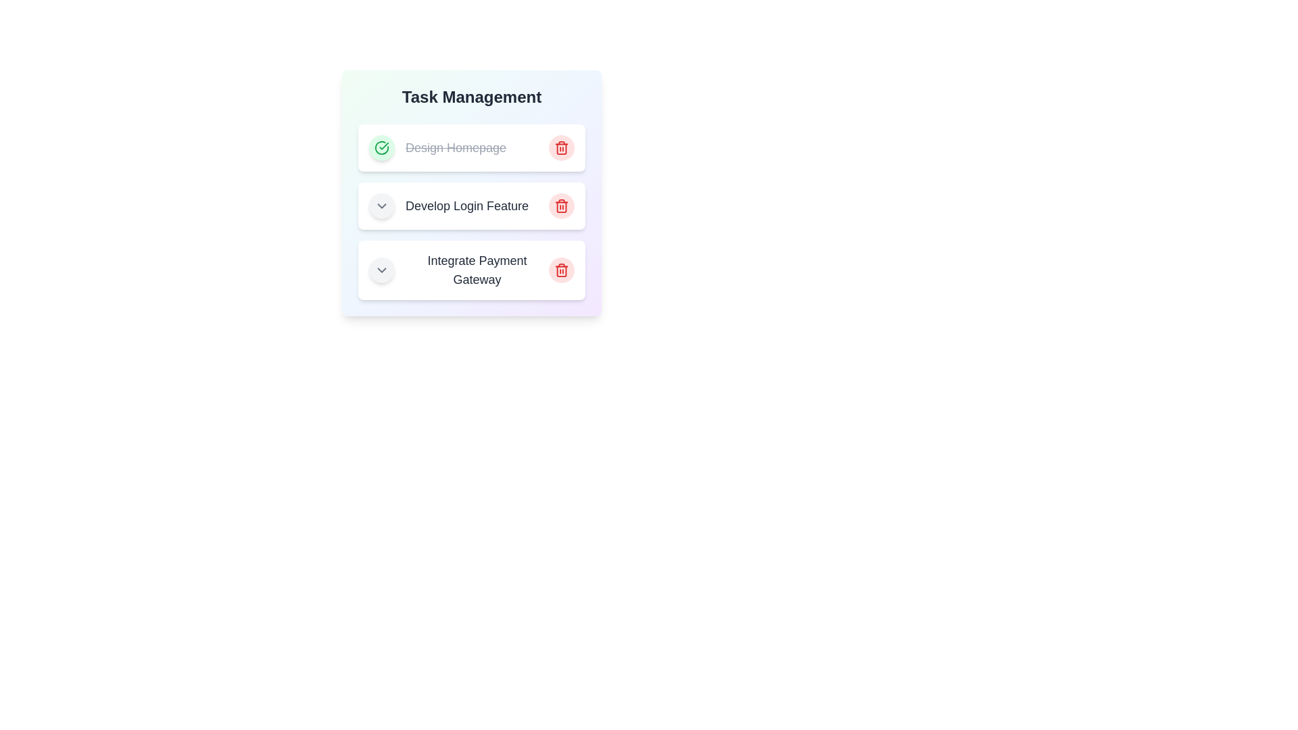 Image resolution: width=1298 pixels, height=730 pixels. Describe the element at coordinates (471, 148) in the screenshot. I see `the task Design Homepage to read its details` at that location.